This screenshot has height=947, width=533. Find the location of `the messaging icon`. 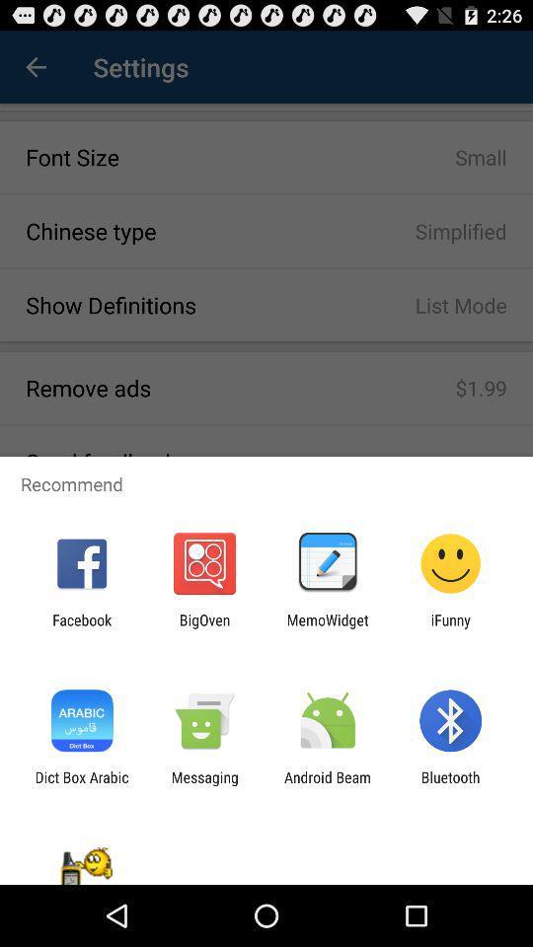

the messaging icon is located at coordinates (203, 785).